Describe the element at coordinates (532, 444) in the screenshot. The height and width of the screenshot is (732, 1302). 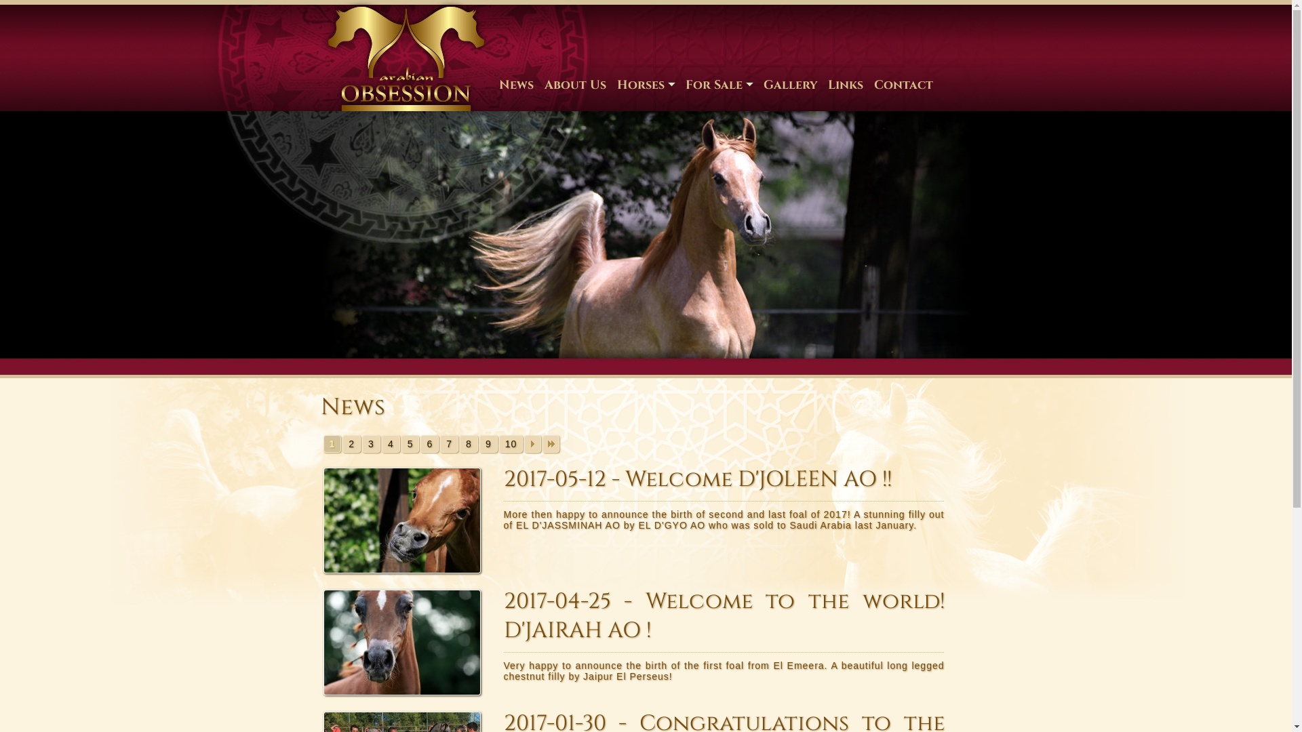
I see `'next page'` at that location.